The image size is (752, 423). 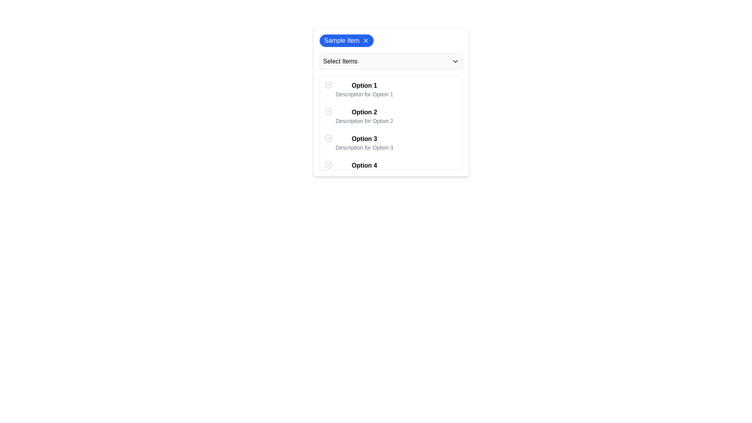 What do you see at coordinates (391, 41) in the screenshot?
I see `the removable indicator of the selected item in the multi-select dropdown to deselect it` at bounding box center [391, 41].